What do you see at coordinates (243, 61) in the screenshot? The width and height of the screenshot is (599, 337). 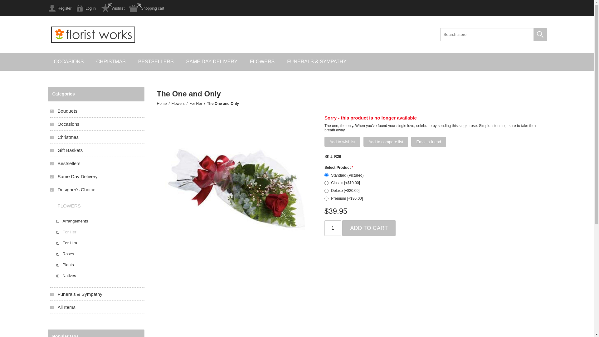 I see `'FLOWERS'` at bounding box center [243, 61].